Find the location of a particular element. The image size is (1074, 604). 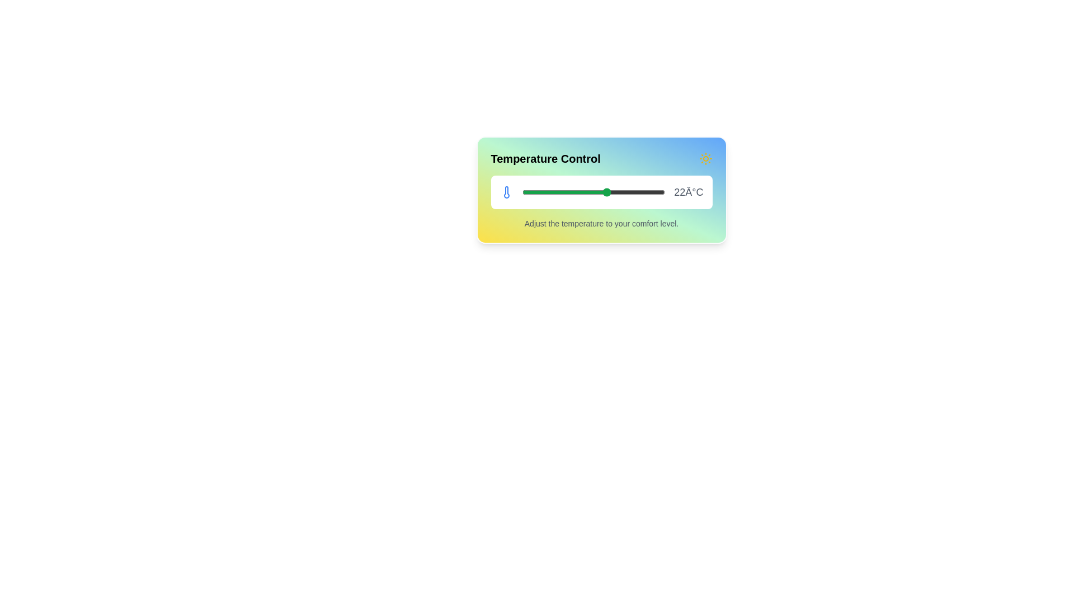

the temperature is located at coordinates (558, 189).